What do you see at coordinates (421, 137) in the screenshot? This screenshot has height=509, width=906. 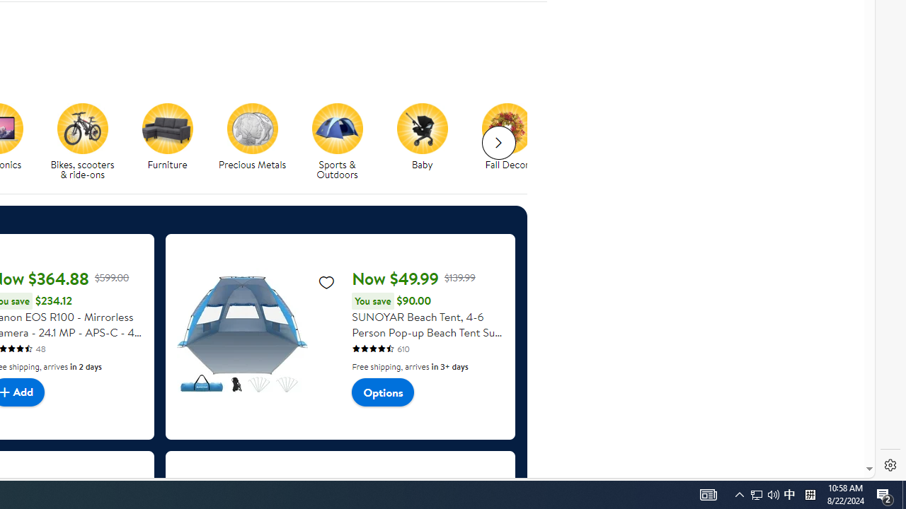 I see `'Baby Baby'` at bounding box center [421, 137].